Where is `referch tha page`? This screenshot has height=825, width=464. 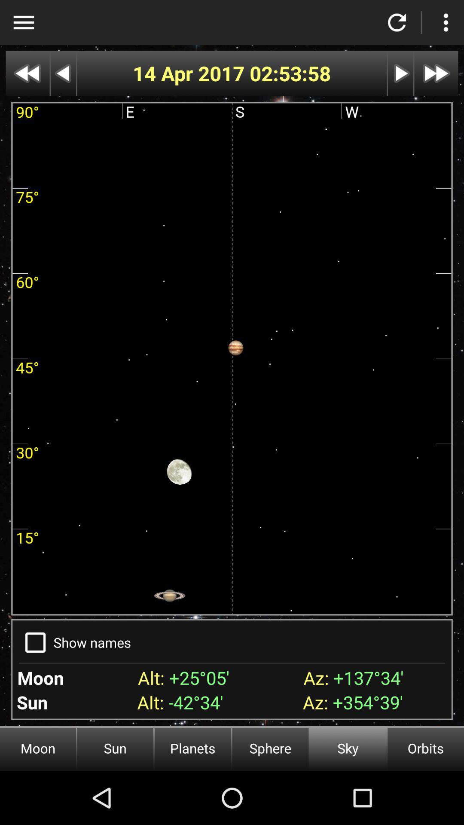 referch tha page is located at coordinates (397, 22).